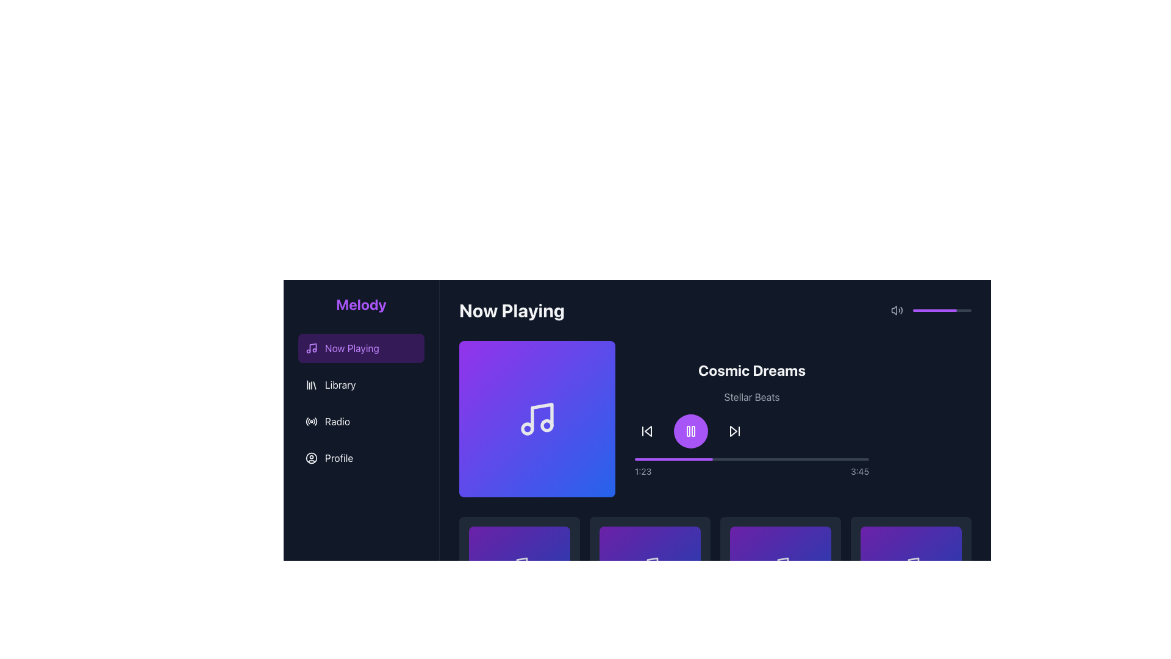 Image resolution: width=1171 pixels, height=659 pixels. I want to click on the music-related icon in the bottom row of the grid layout, so click(519, 565).